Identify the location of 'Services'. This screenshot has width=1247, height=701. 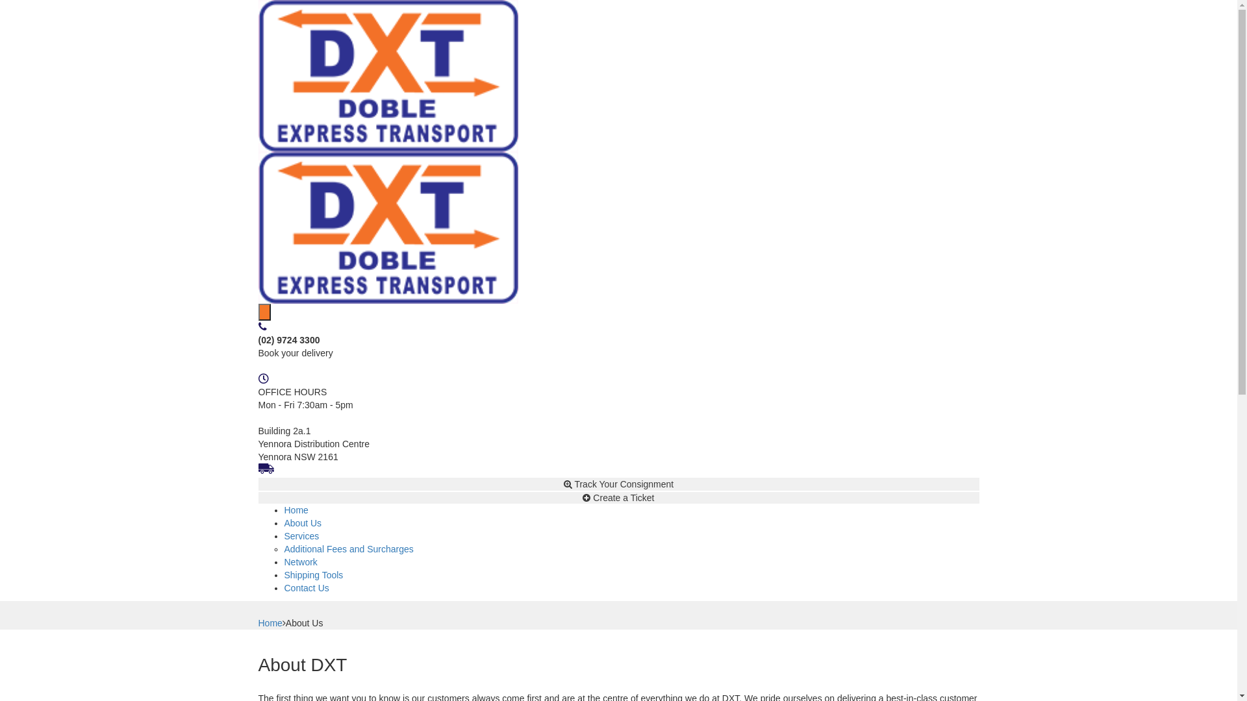
(283, 535).